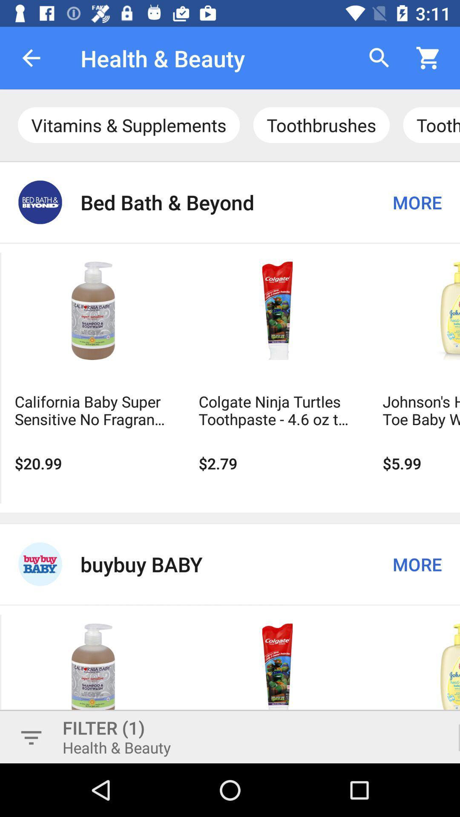  I want to click on the second image below buybuy baby, so click(277, 672).